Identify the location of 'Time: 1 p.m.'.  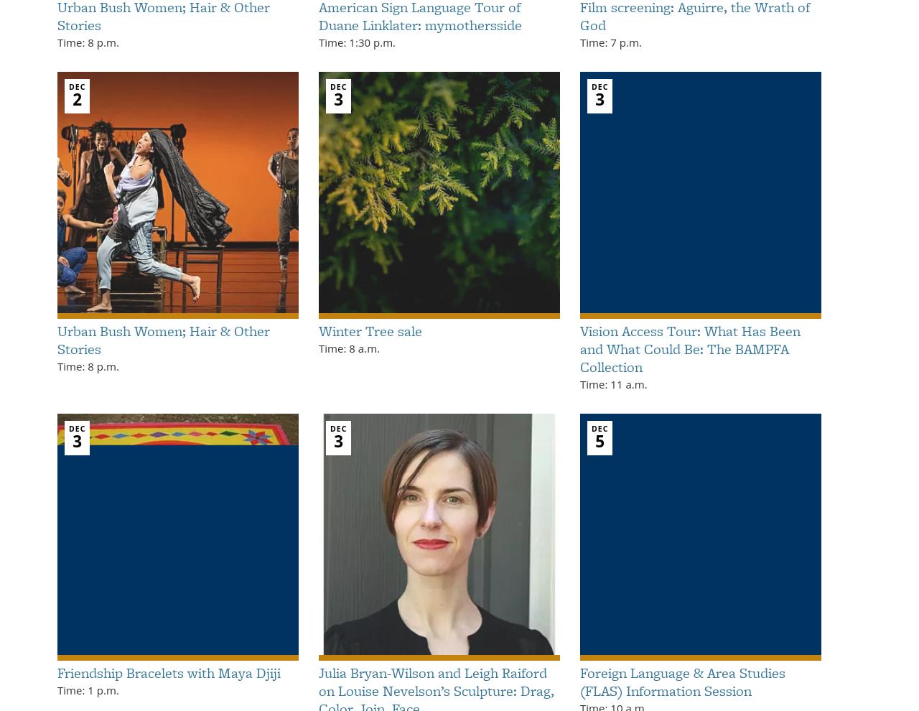
(87, 689).